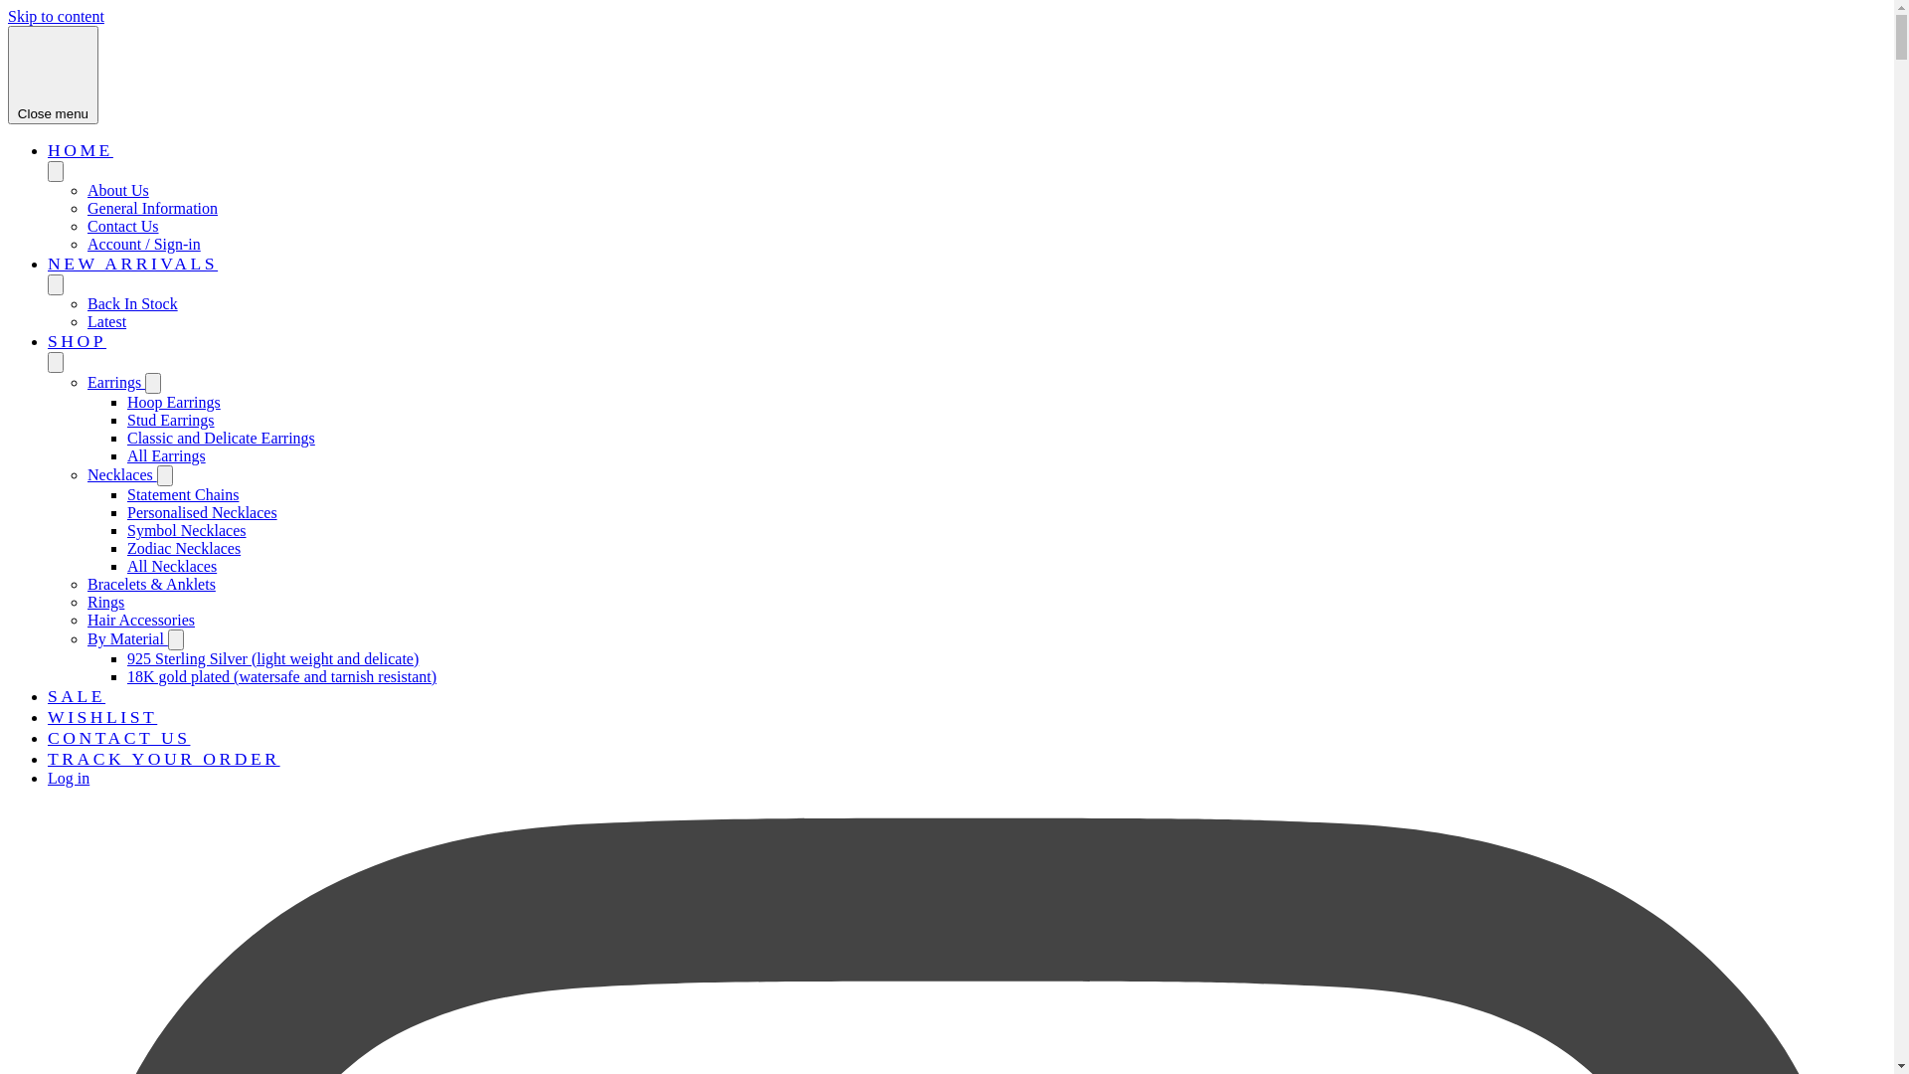 This screenshot has width=1909, height=1074. What do you see at coordinates (186, 529) in the screenshot?
I see `'Symbol Necklaces'` at bounding box center [186, 529].